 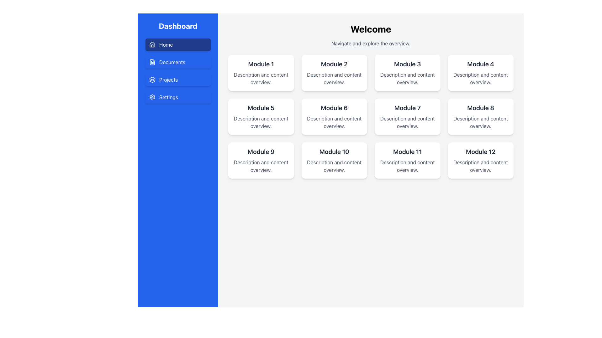 What do you see at coordinates (152, 44) in the screenshot?
I see `the house icon in the navigation sidebar, which represents the 'Home' link and is located above the text 'Home'` at bounding box center [152, 44].